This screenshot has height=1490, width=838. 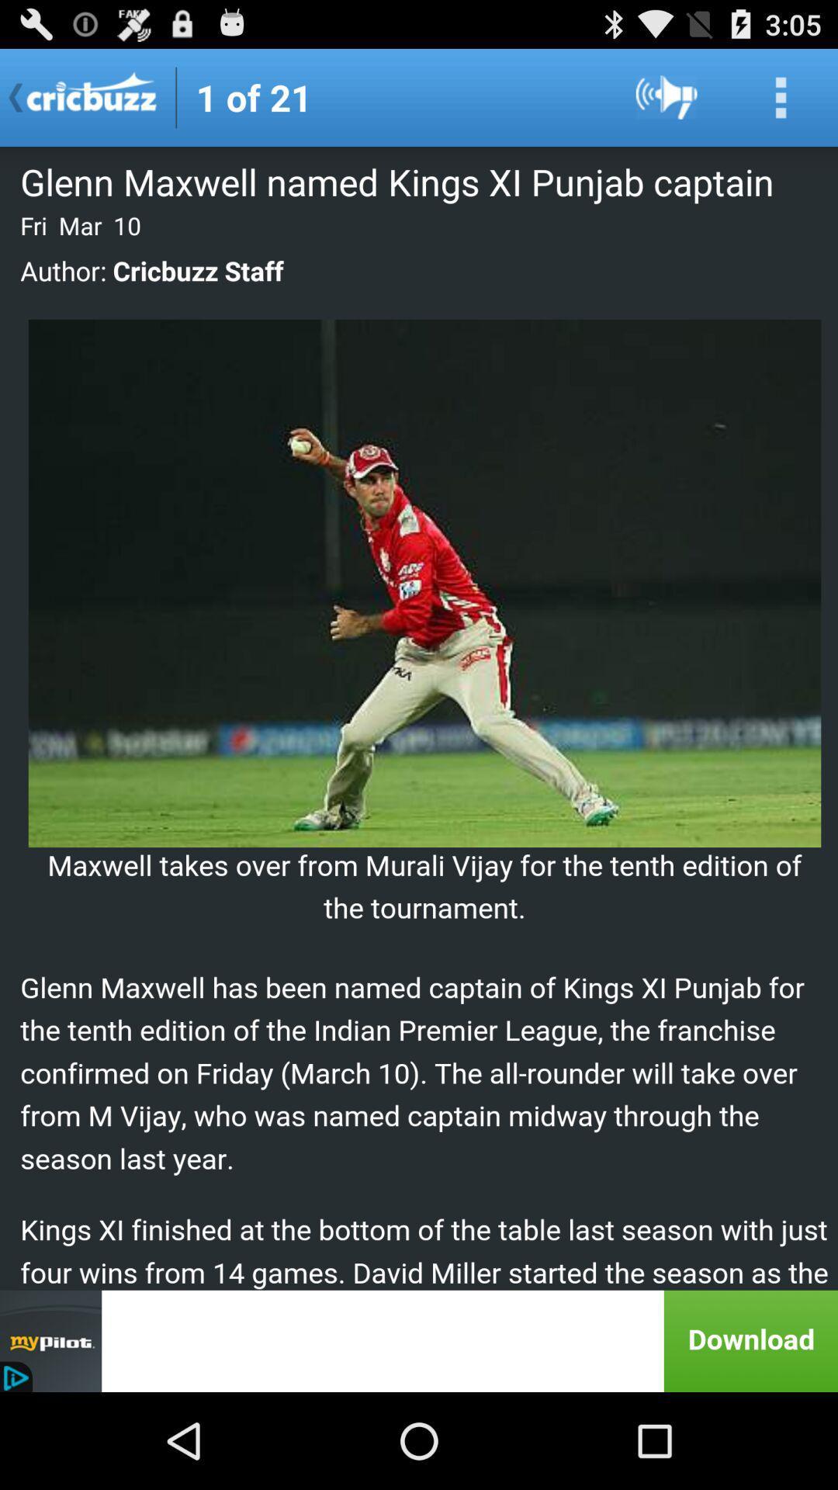 What do you see at coordinates (781, 96) in the screenshot?
I see `more options` at bounding box center [781, 96].